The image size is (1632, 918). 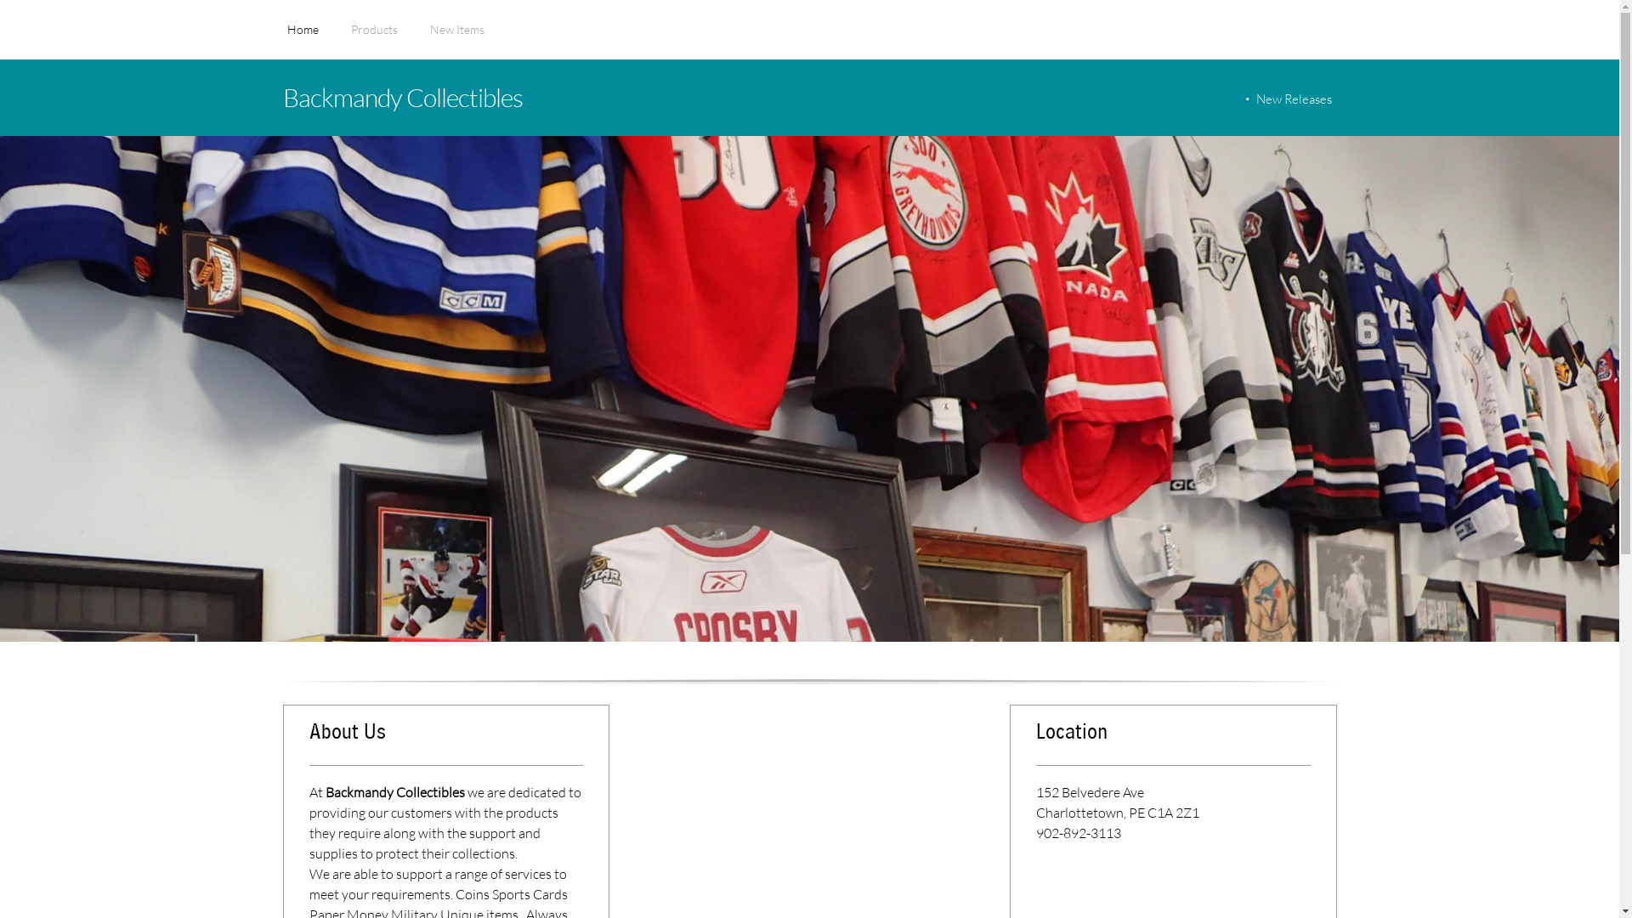 I want to click on 'New Items', so click(x=456, y=38).